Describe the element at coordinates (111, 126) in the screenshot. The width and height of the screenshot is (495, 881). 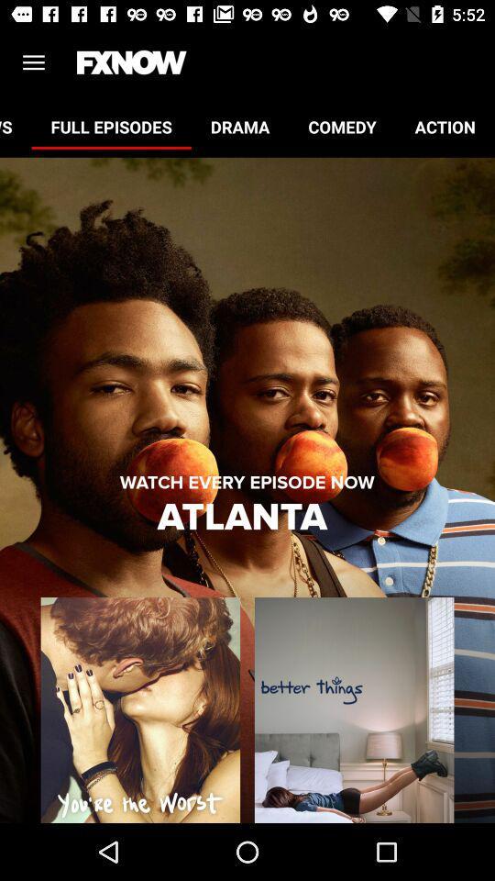
I see `full episodes item` at that location.